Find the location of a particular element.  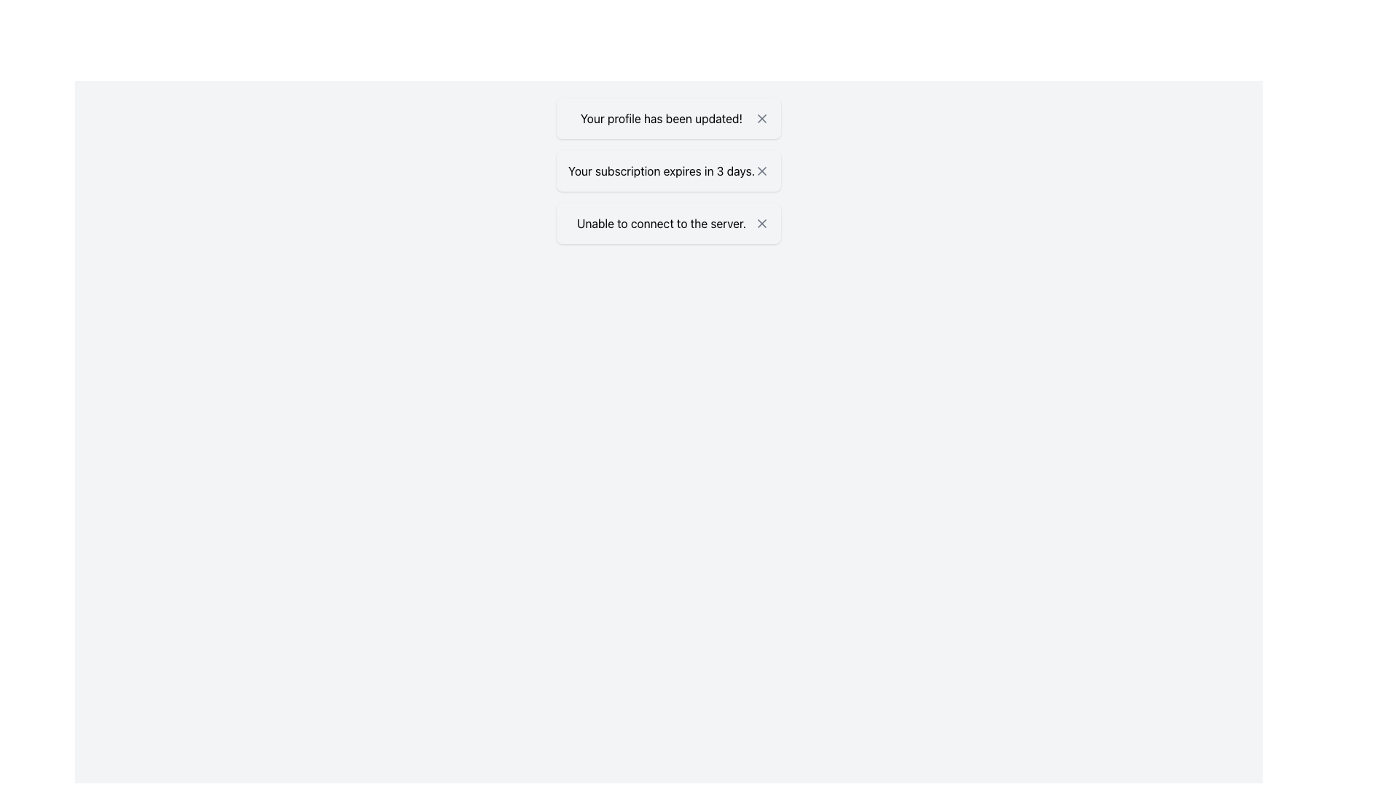

the close button represented by the 'X' icon in the SVG is located at coordinates (761, 171).